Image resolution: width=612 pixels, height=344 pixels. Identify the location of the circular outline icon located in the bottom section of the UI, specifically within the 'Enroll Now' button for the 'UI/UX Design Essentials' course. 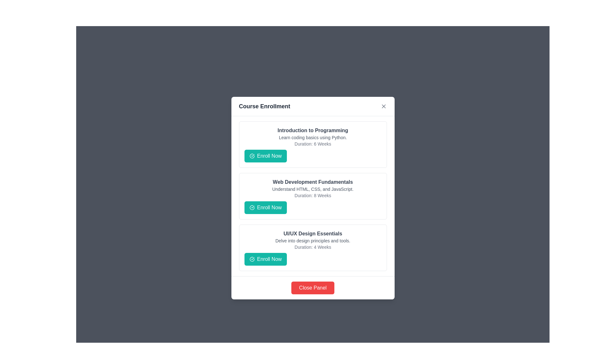
(251, 259).